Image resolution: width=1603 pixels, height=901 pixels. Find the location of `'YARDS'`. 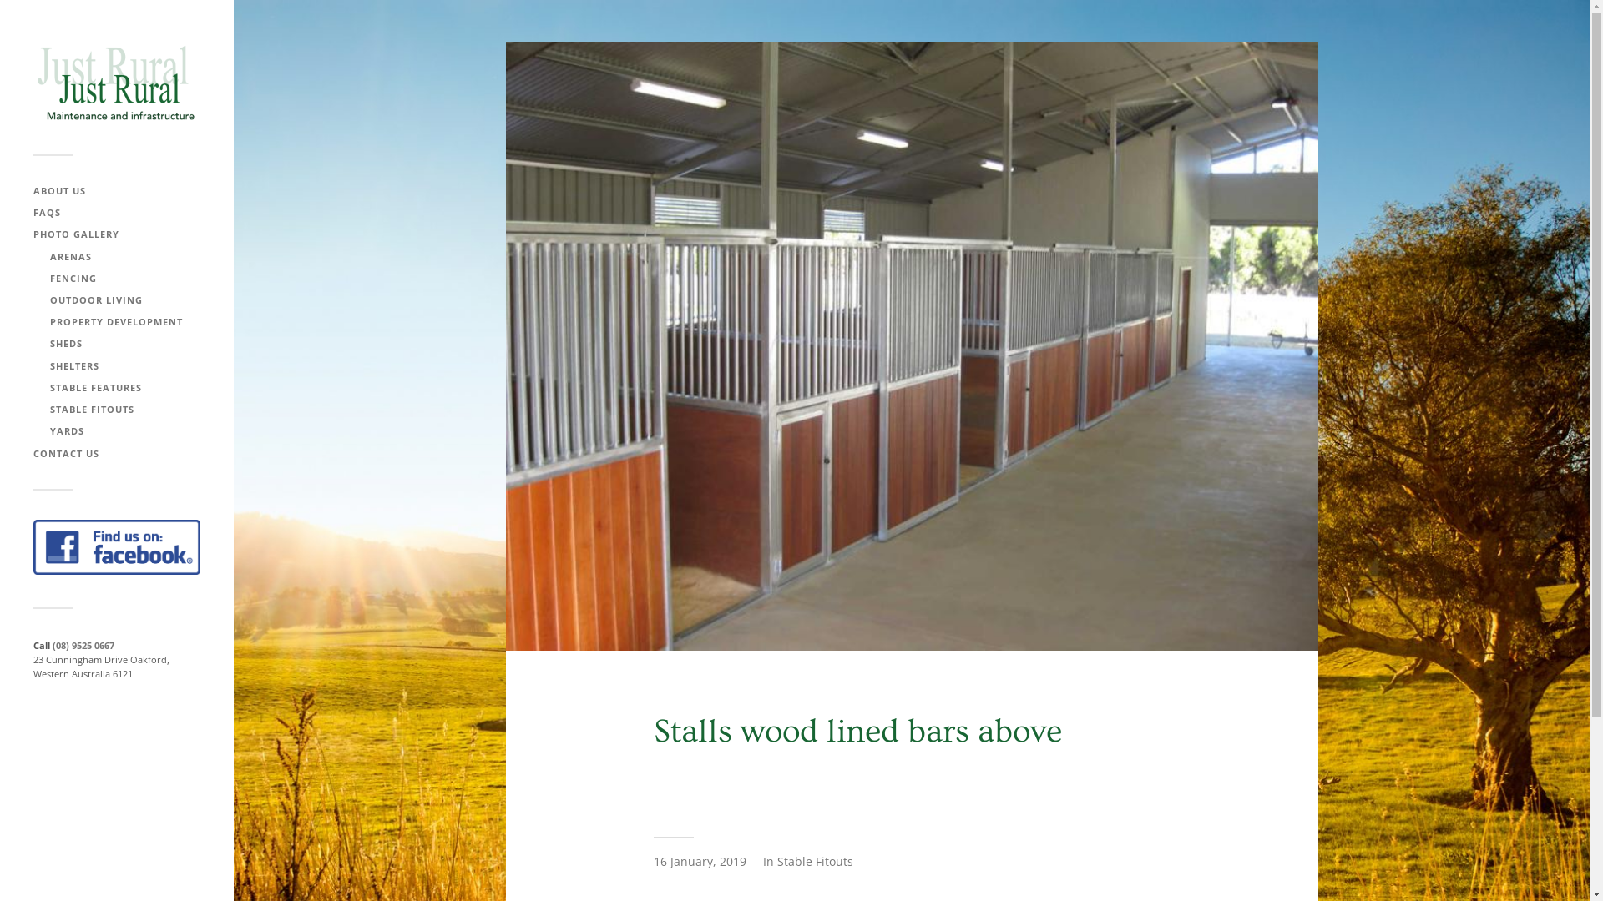

'YARDS' is located at coordinates (49, 430).